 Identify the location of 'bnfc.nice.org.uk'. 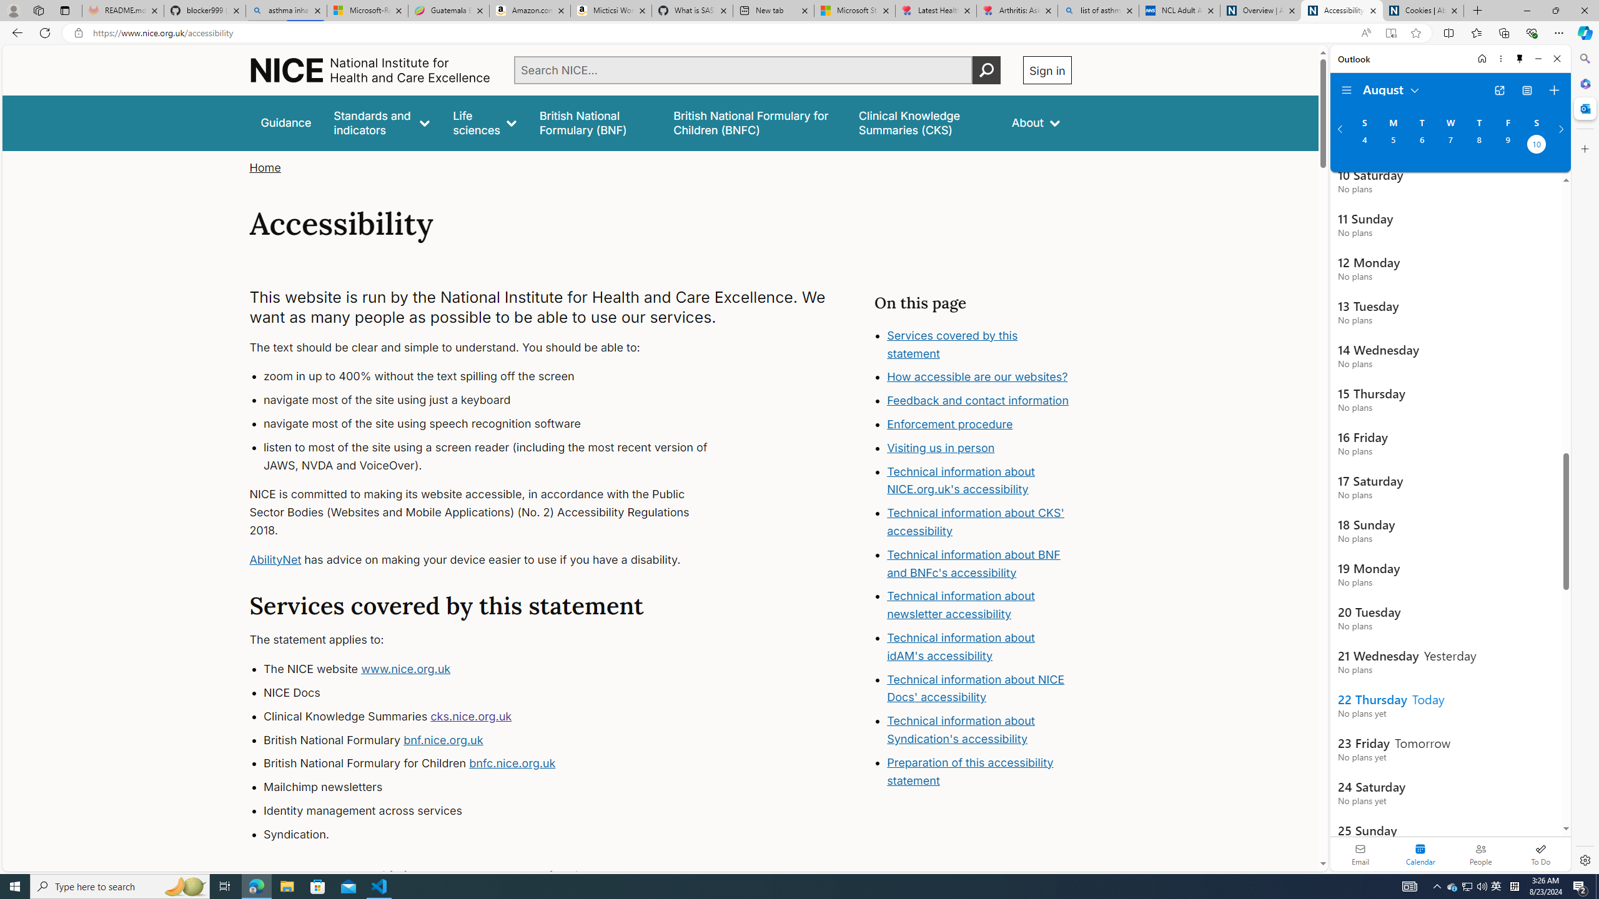
(512, 763).